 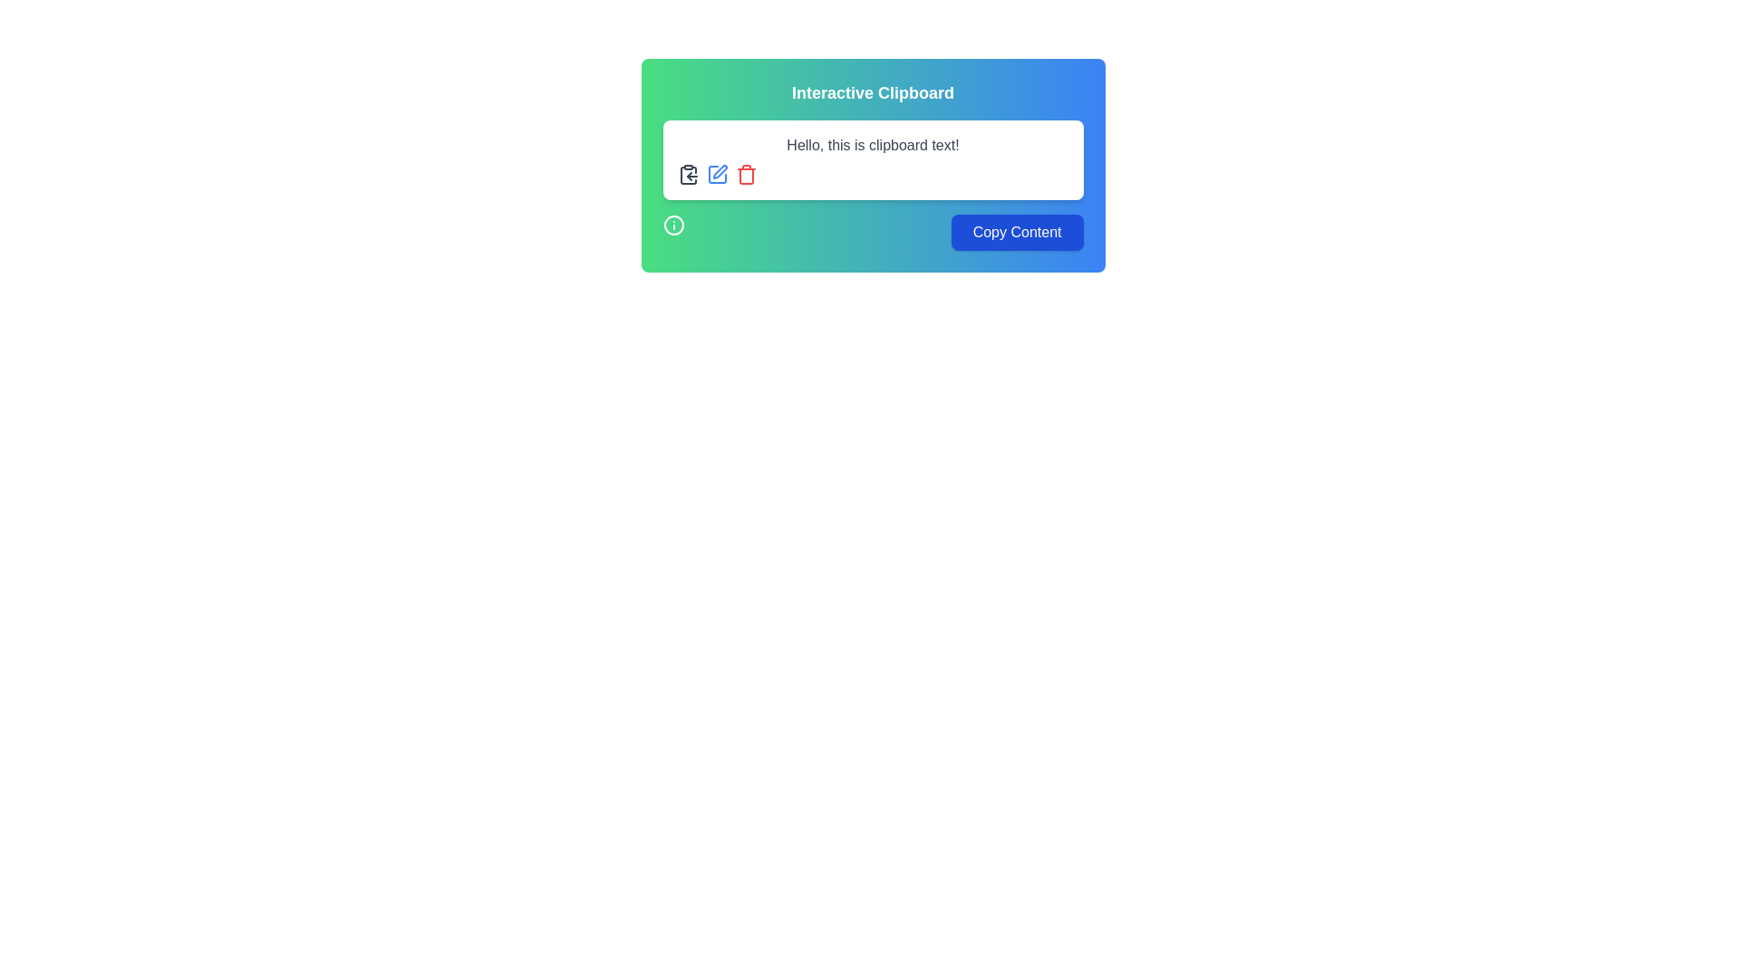 What do you see at coordinates (716, 174) in the screenshot?
I see `the blue pen icon button, which is the second icon from the left in the horizontal group above the text 'Hello, this is clipboard text!', to initiate edit mode` at bounding box center [716, 174].